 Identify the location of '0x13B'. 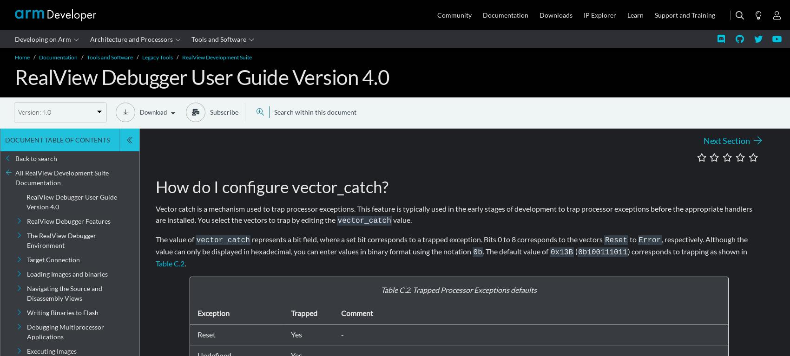
(561, 252).